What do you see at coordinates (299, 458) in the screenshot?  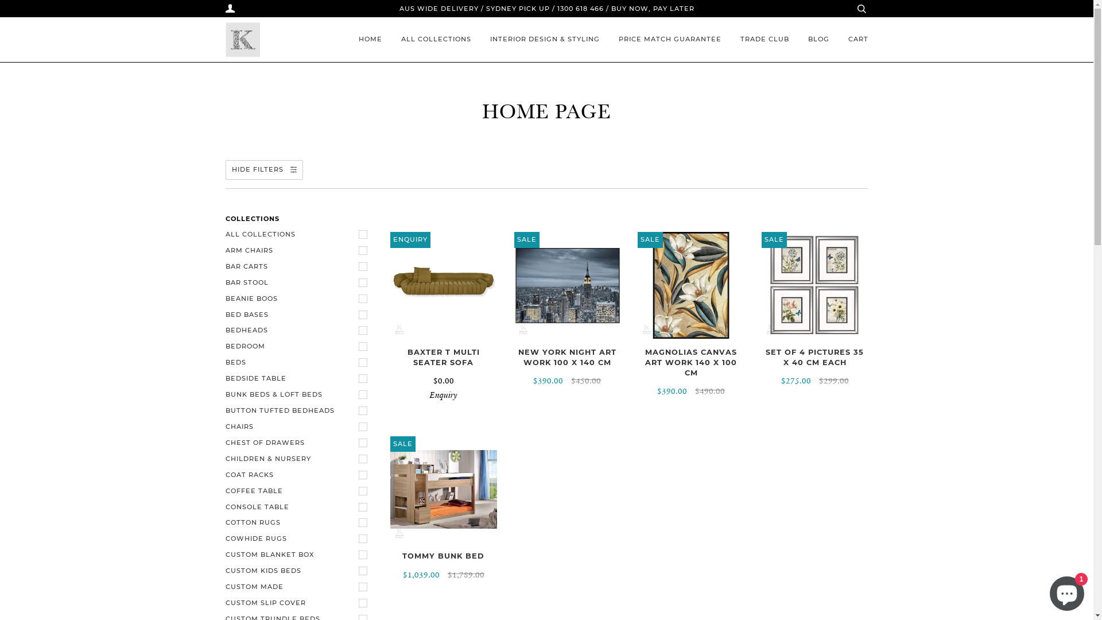 I see `'CHILDREN & NURSERY'` at bounding box center [299, 458].